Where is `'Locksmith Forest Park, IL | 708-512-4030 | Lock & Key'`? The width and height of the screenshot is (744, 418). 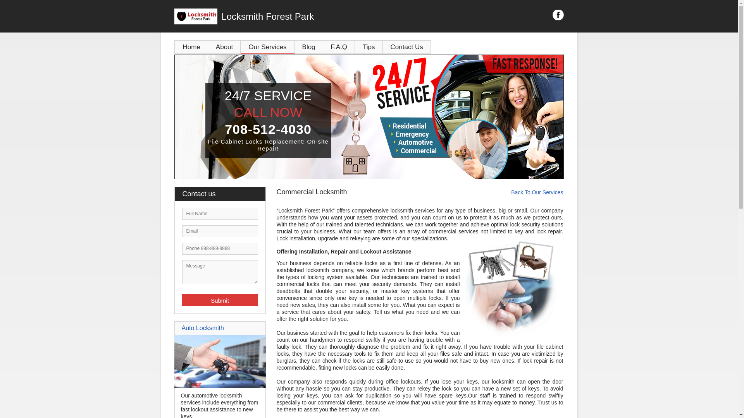 'Locksmith Forest Park, IL | 708-512-4030 | Lock & Key' is located at coordinates (369, 116).